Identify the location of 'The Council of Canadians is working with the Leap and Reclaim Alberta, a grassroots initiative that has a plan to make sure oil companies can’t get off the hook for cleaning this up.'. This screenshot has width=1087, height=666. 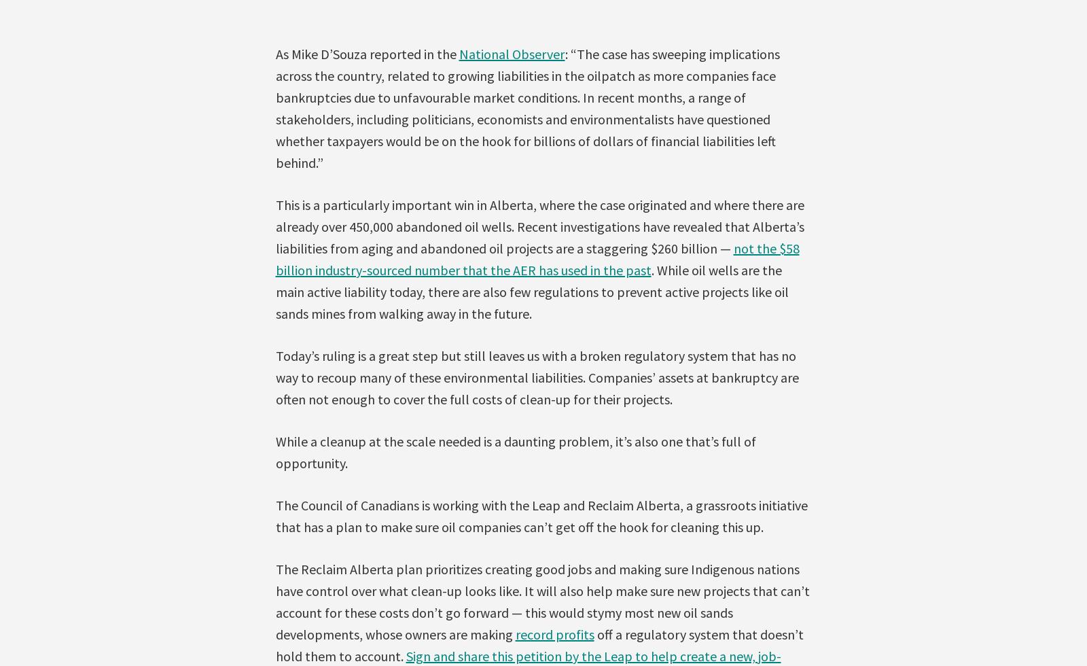
(274, 515).